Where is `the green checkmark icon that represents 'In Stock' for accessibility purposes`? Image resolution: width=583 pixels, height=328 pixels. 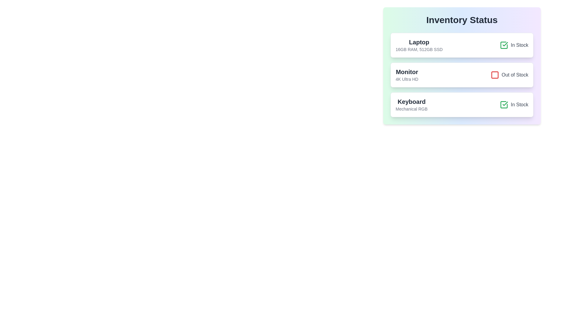 the green checkmark icon that represents 'In Stock' for accessibility purposes is located at coordinates (504, 104).